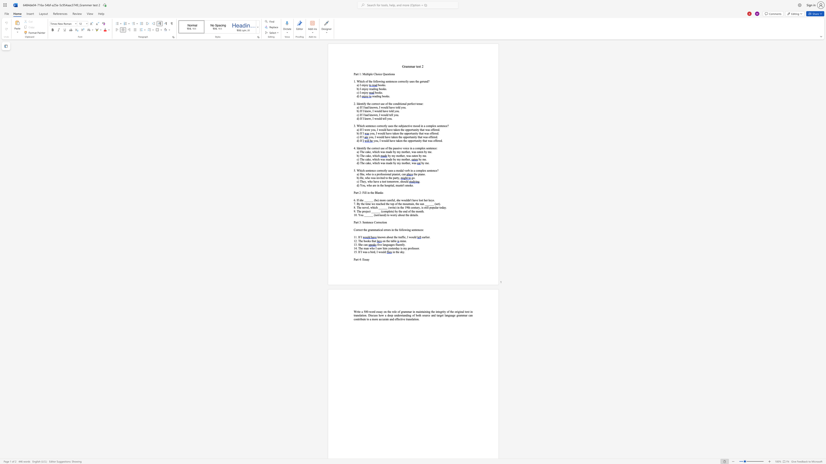 This screenshot has height=464, width=826. What do you see at coordinates (405, 163) in the screenshot?
I see `the subset text "ther," within the text "d) The cake, which was made by my mother, was"` at bounding box center [405, 163].